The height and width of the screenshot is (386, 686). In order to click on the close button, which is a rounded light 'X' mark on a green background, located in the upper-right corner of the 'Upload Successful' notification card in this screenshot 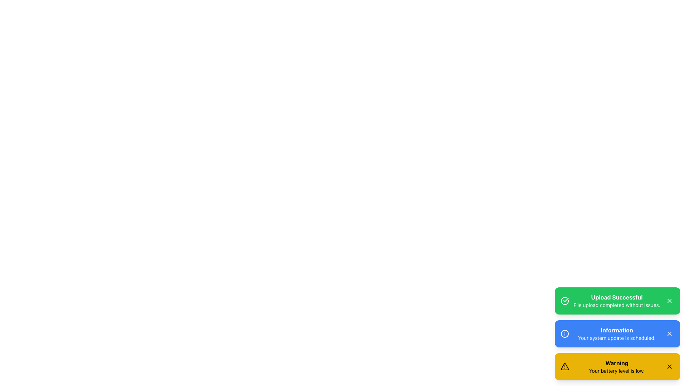, I will do `click(669, 301)`.